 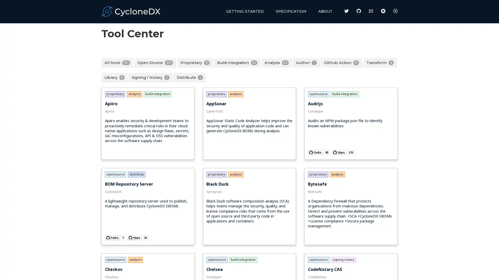 What do you see at coordinates (276, 62) in the screenshot?
I see `Analysis 42` at bounding box center [276, 62].